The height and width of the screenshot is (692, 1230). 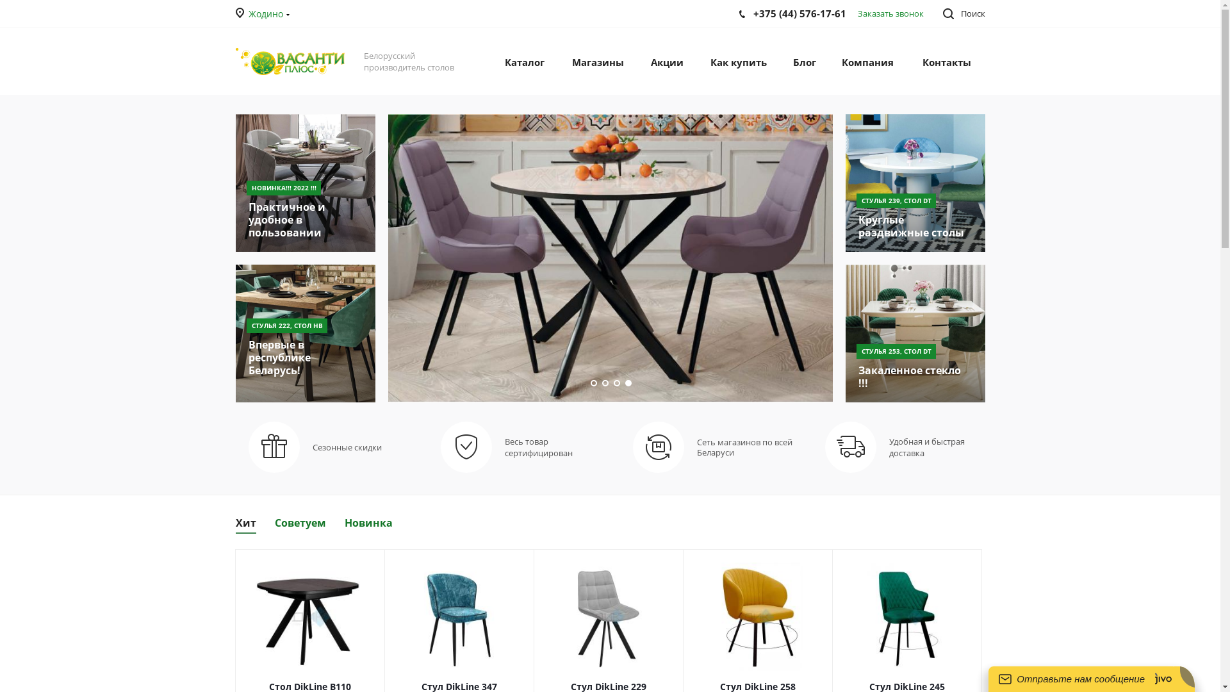 I want to click on '1', so click(x=593, y=382).